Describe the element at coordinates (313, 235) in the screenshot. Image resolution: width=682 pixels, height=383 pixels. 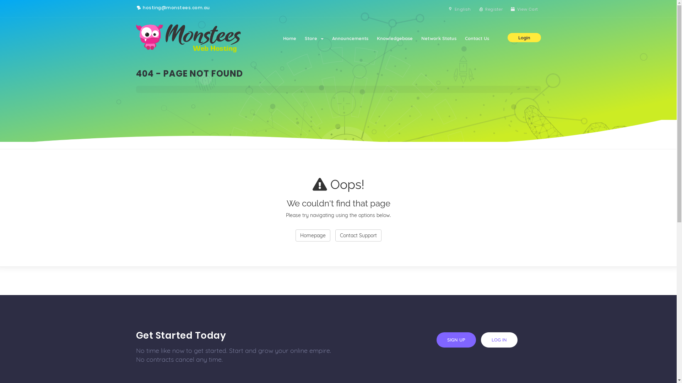
I see `'Homepage'` at that location.